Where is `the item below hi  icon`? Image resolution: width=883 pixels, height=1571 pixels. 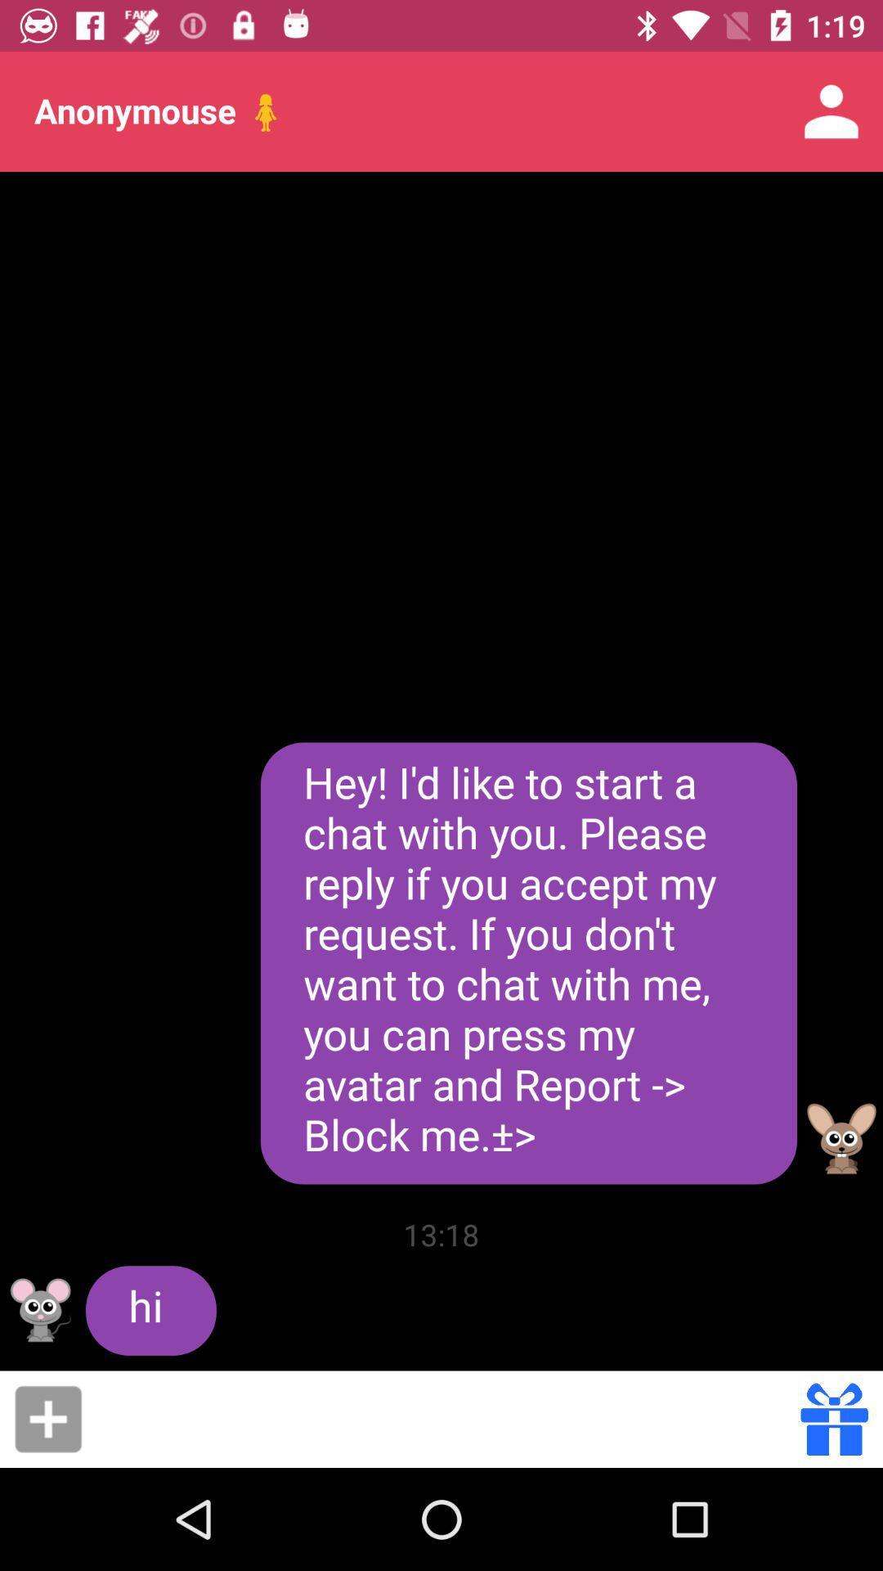
the item below hi  icon is located at coordinates (47, 1418).